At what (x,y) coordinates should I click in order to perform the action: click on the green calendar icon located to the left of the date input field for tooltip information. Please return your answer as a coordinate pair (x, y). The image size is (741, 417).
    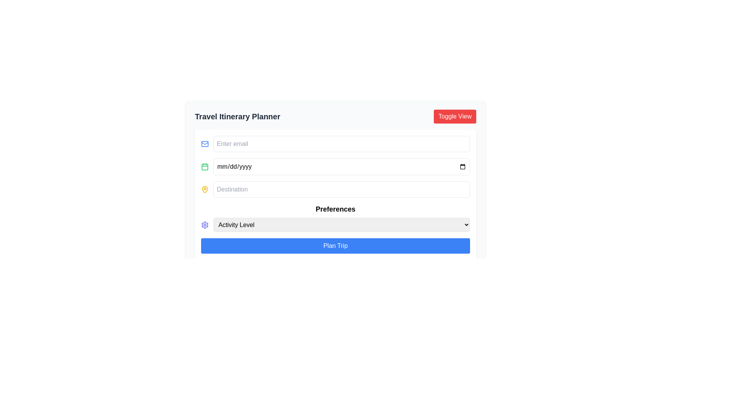
    Looking at the image, I should click on (205, 166).